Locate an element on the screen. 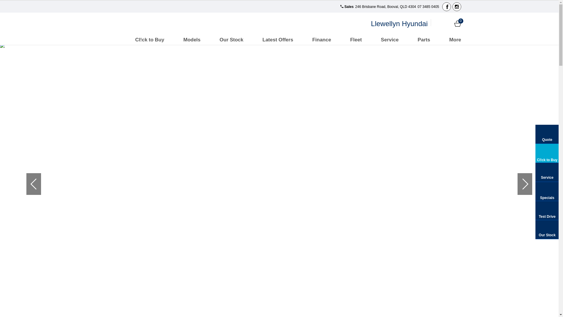 The height and width of the screenshot is (317, 563). 'Login' is located at coordinates (435, 23).